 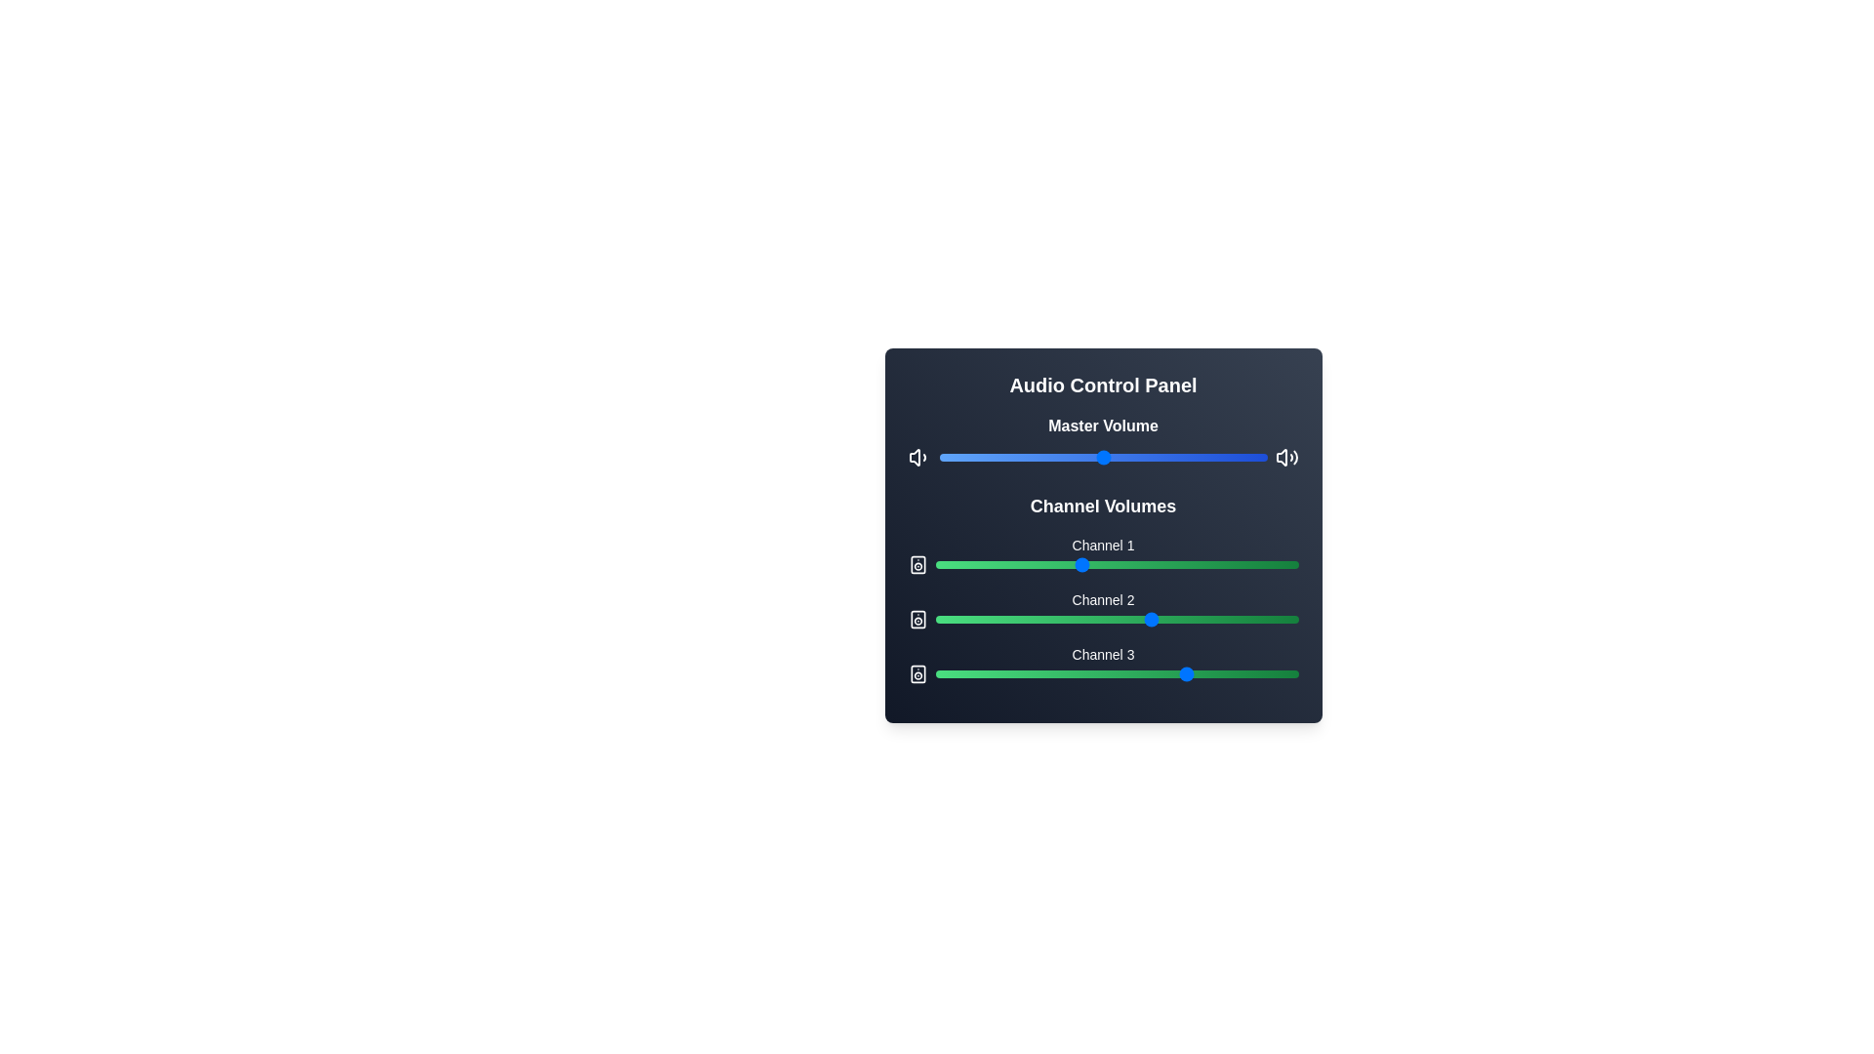 What do you see at coordinates (1171, 620) in the screenshot?
I see `the slider value` at bounding box center [1171, 620].